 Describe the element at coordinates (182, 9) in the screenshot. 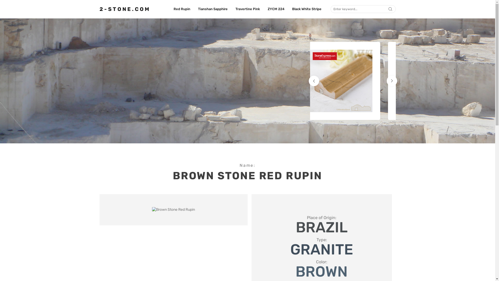

I see `'Red Rupin'` at that location.